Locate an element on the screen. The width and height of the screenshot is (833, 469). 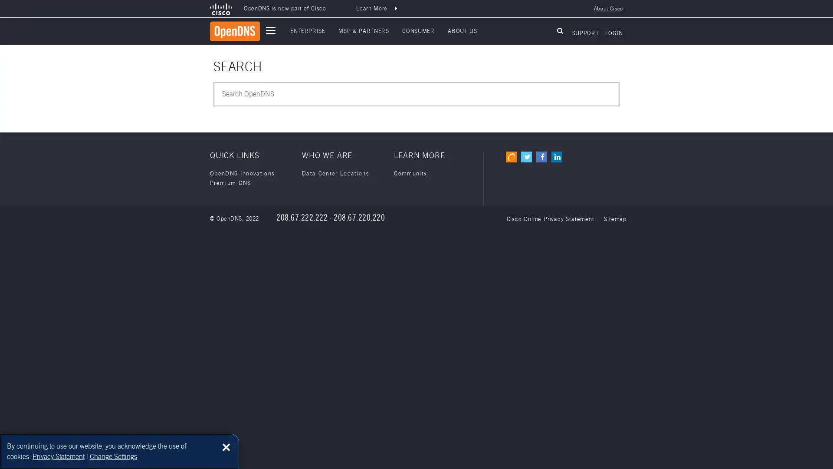
Close is located at coordinates (226, 447).